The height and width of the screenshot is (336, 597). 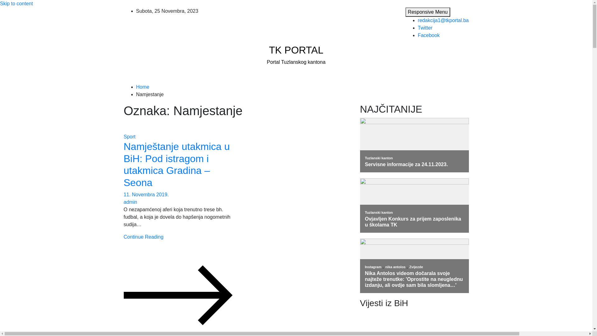 What do you see at coordinates (409, 266) in the screenshot?
I see `'Zvijezde'` at bounding box center [409, 266].